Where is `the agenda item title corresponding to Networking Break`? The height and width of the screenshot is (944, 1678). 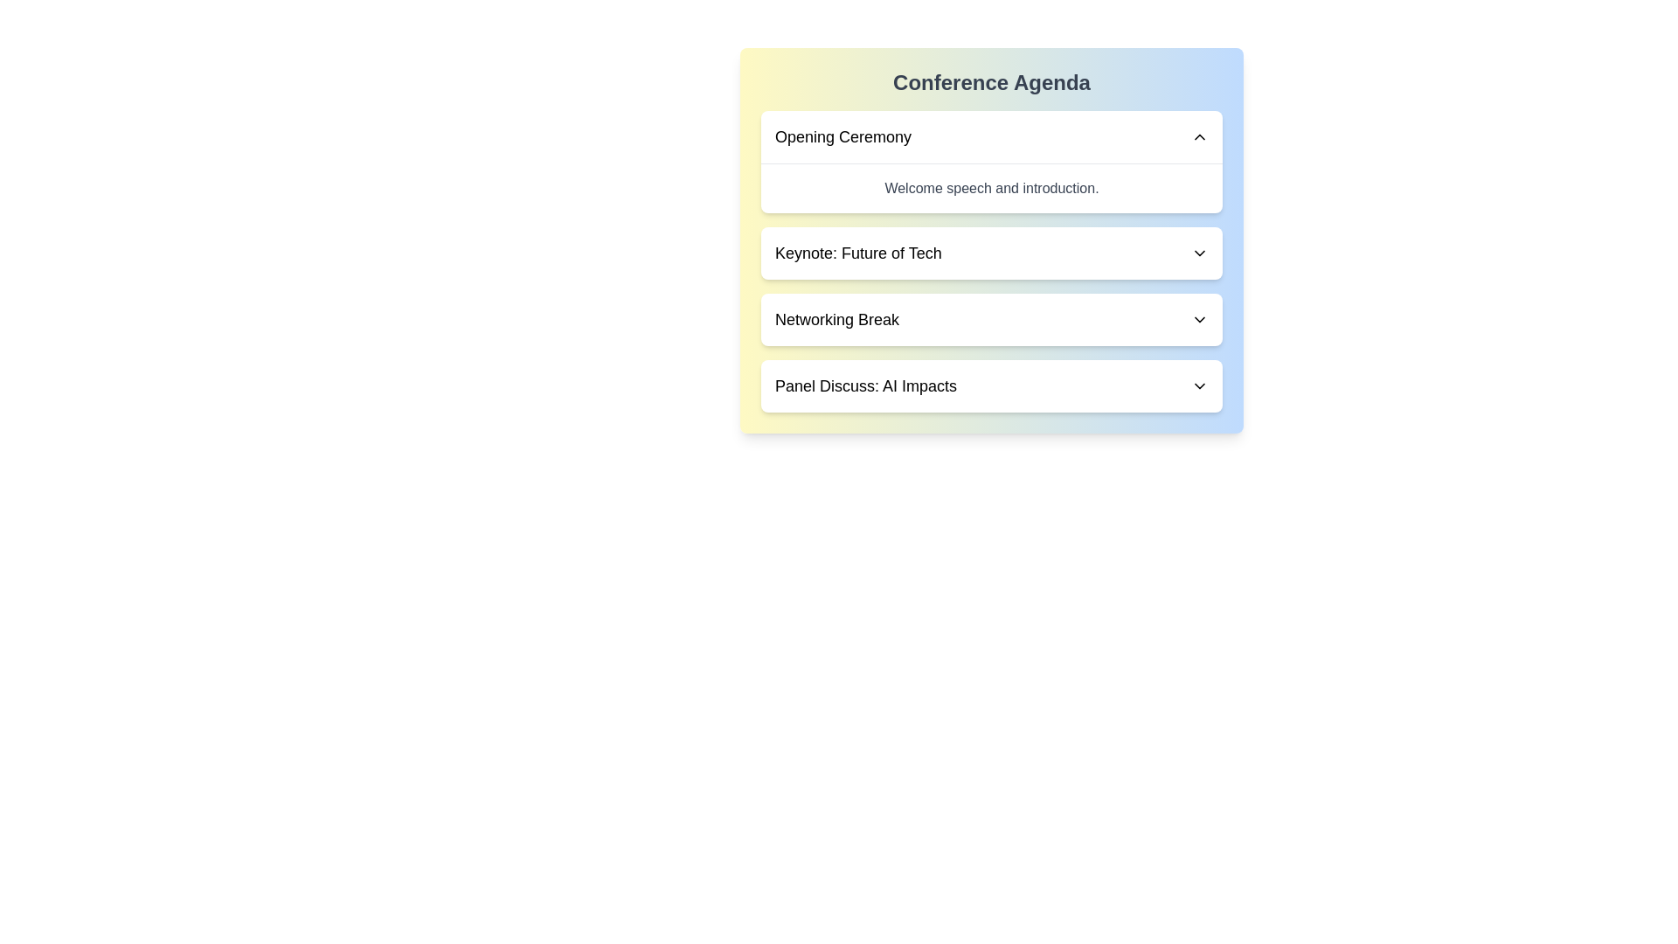
the agenda item title corresponding to Networking Break is located at coordinates (836, 320).